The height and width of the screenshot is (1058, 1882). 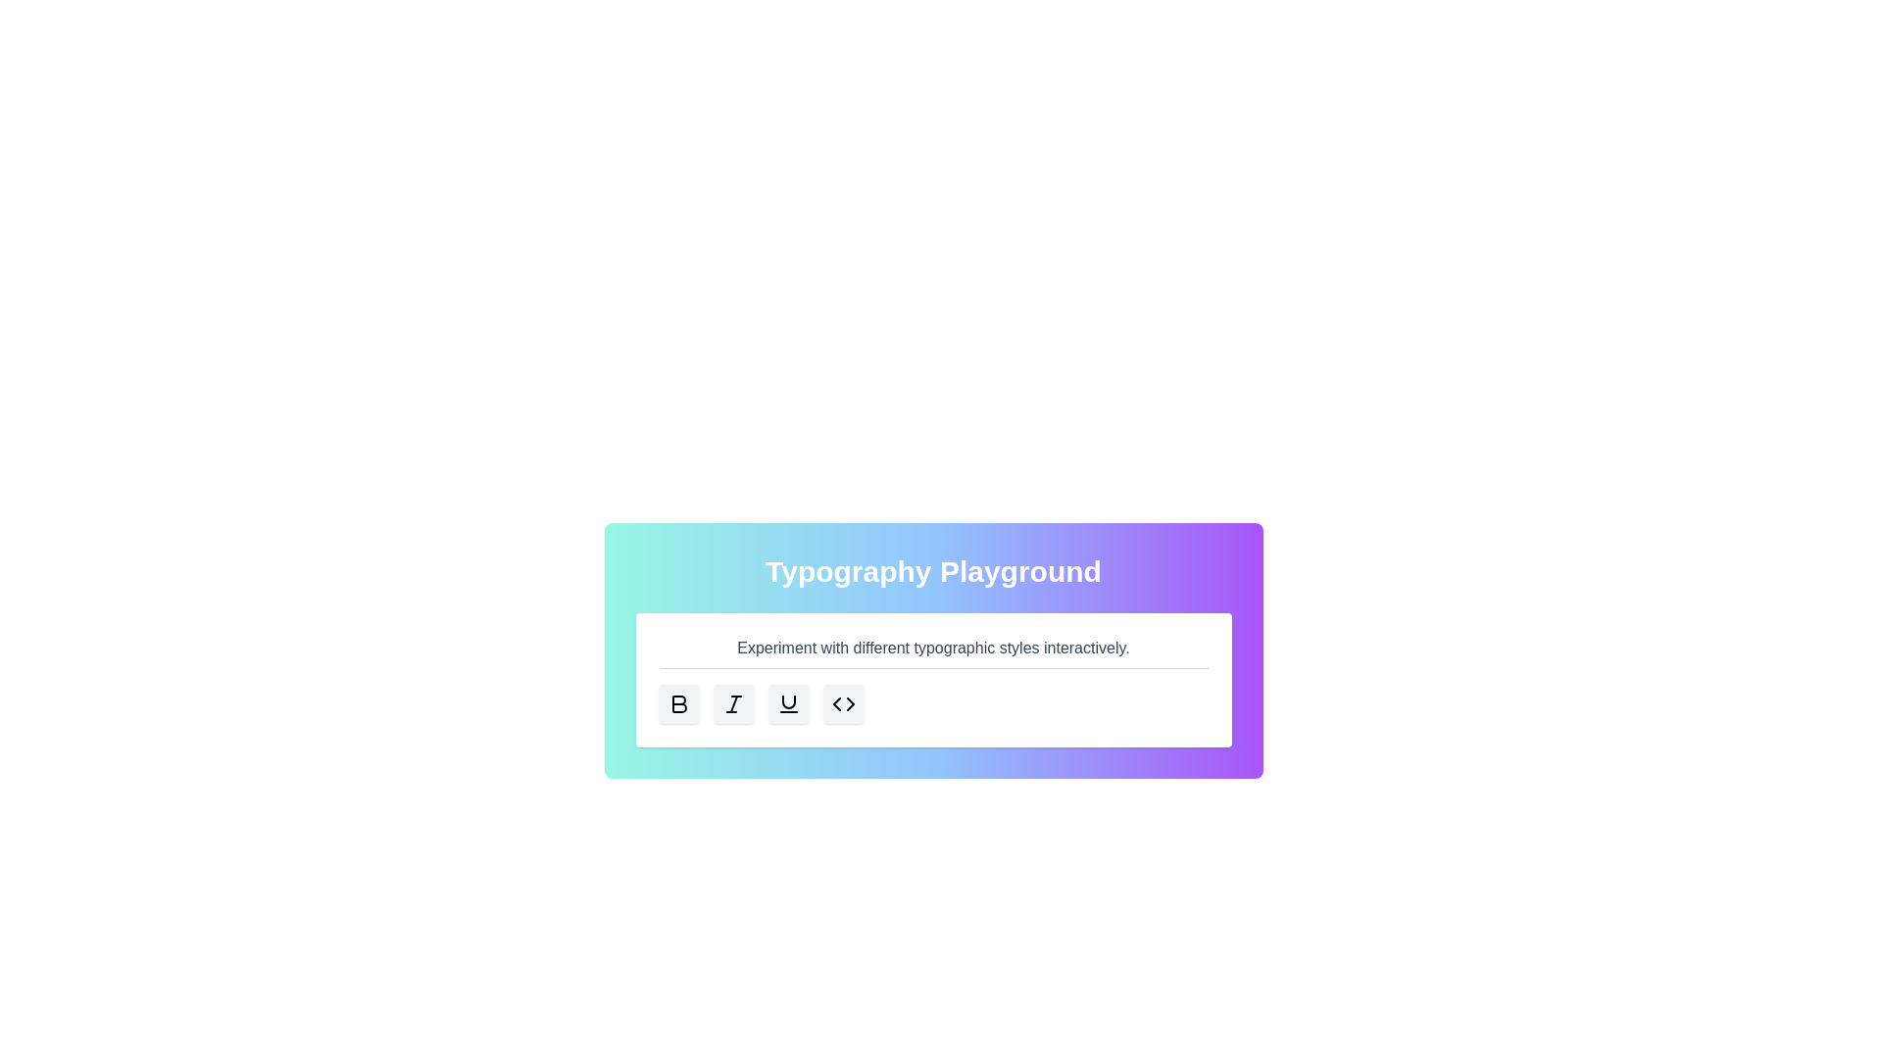 What do you see at coordinates (843, 702) in the screenshot?
I see `the outlined icon styled as a pair of angular brackets (< >) located as the fourth button in a row of icons beneath the 'Experiment with different typographic styles interactively' text` at bounding box center [843, 702].